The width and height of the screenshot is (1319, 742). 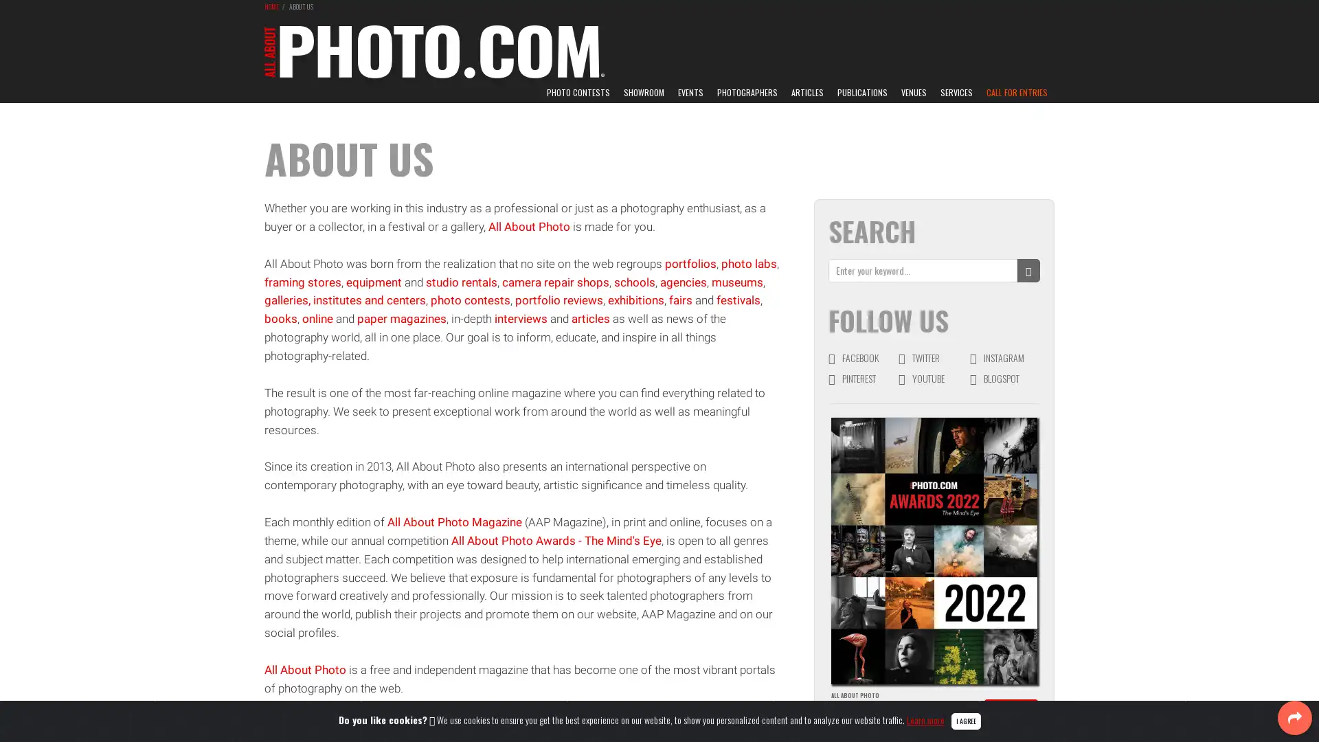 What do you see at coordinates (578, 93) in the screenshot?
I see `PHOTO CONTESTS` at bounding box center [578, 93].